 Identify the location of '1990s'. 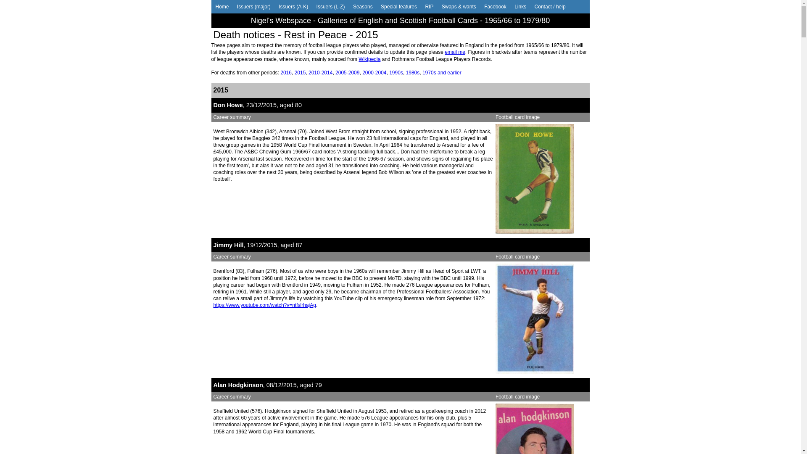
(396, 72).